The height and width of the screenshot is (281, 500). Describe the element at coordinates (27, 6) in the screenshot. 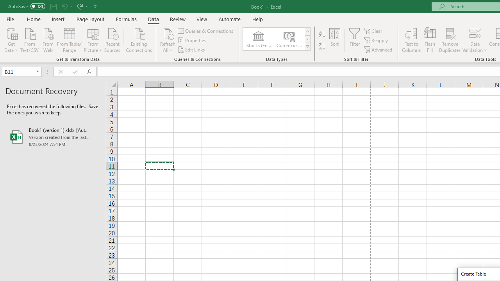

I see `'AutoSave'` at that location.